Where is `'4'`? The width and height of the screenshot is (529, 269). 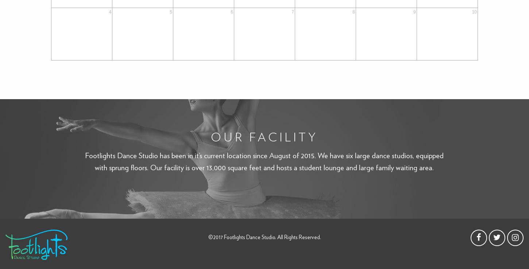 '4' is located at coordinates (110, 11).